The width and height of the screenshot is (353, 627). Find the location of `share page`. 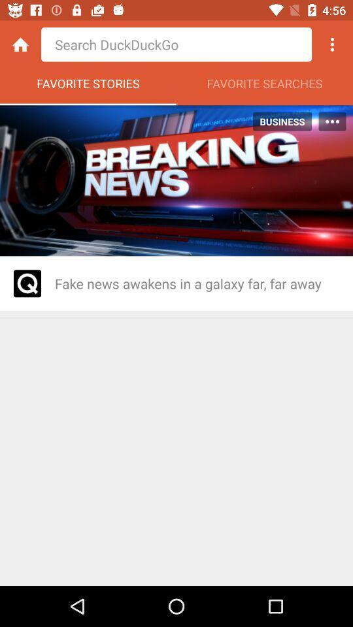

share page is located at coordinates (332, 44).